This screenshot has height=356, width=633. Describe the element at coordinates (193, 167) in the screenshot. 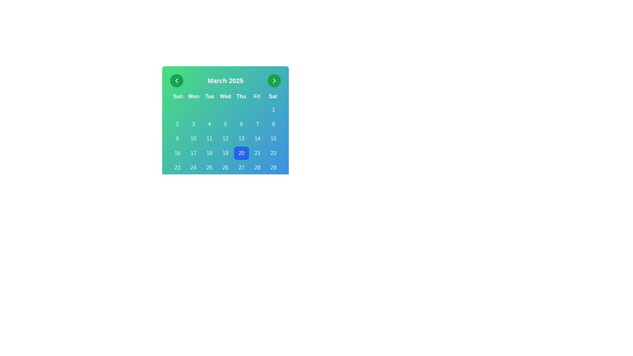

I see `the button displaying '24' in the calendar grid to change its background color to blue` at that location.